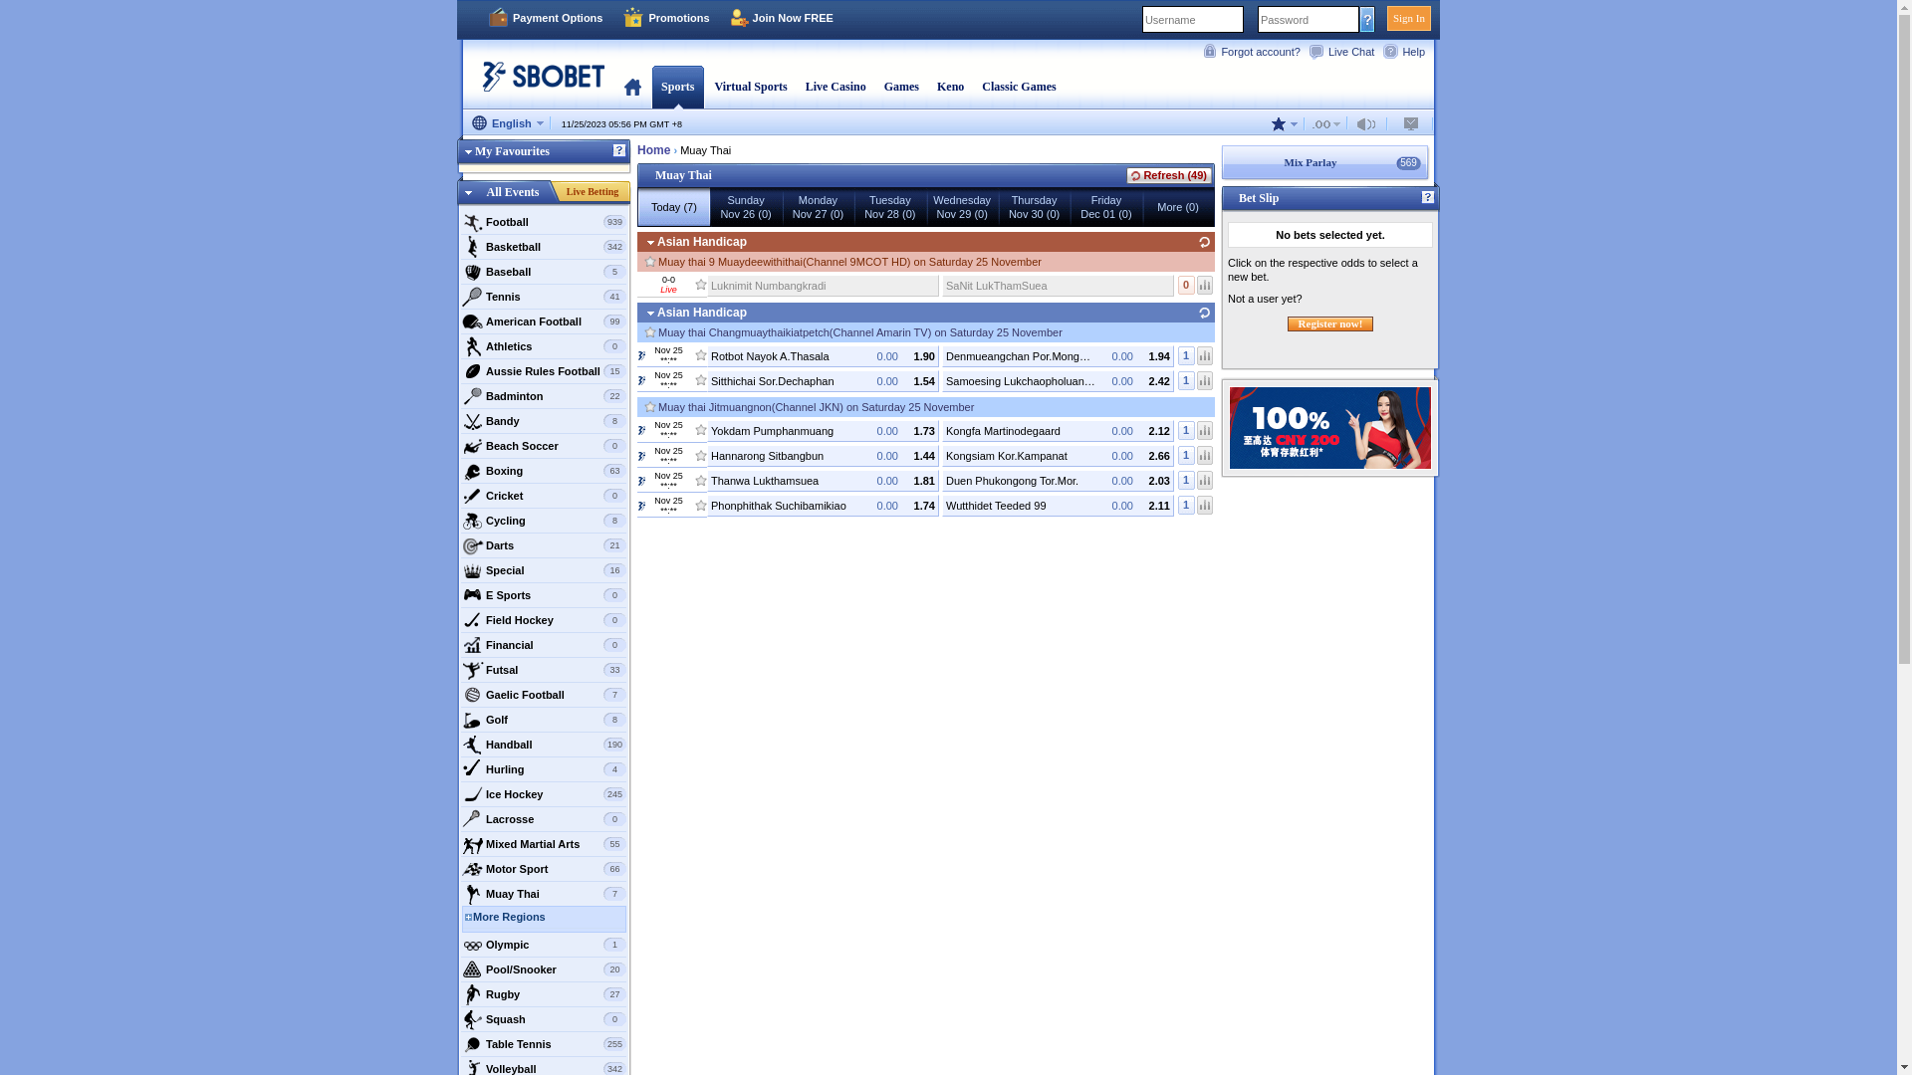 The width and height of the screenshot is (1912, 1075). What do you see at coordinates (544, 471) in the screenshot?
I see `'Boxing` at bounding box center [544, 471].